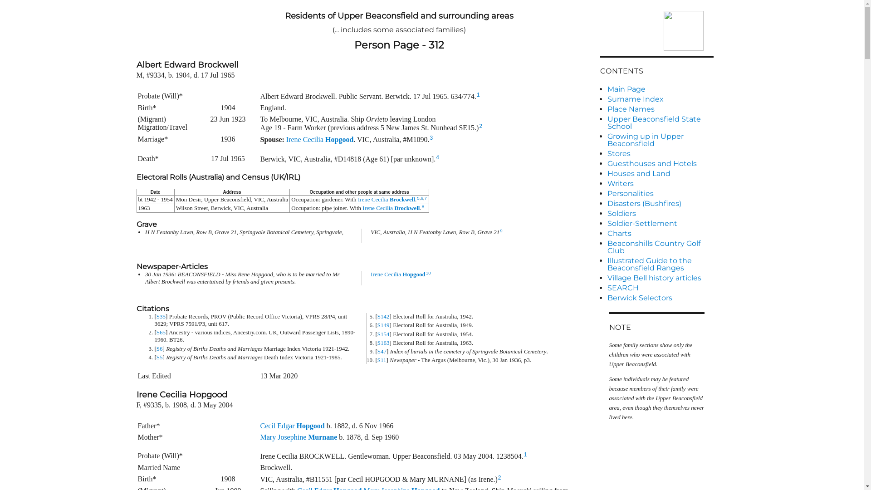 This screenshot has height=490, width=871. Describe the element at coordinates (428, 272) in the screenshot. I see `'10'` at that location.